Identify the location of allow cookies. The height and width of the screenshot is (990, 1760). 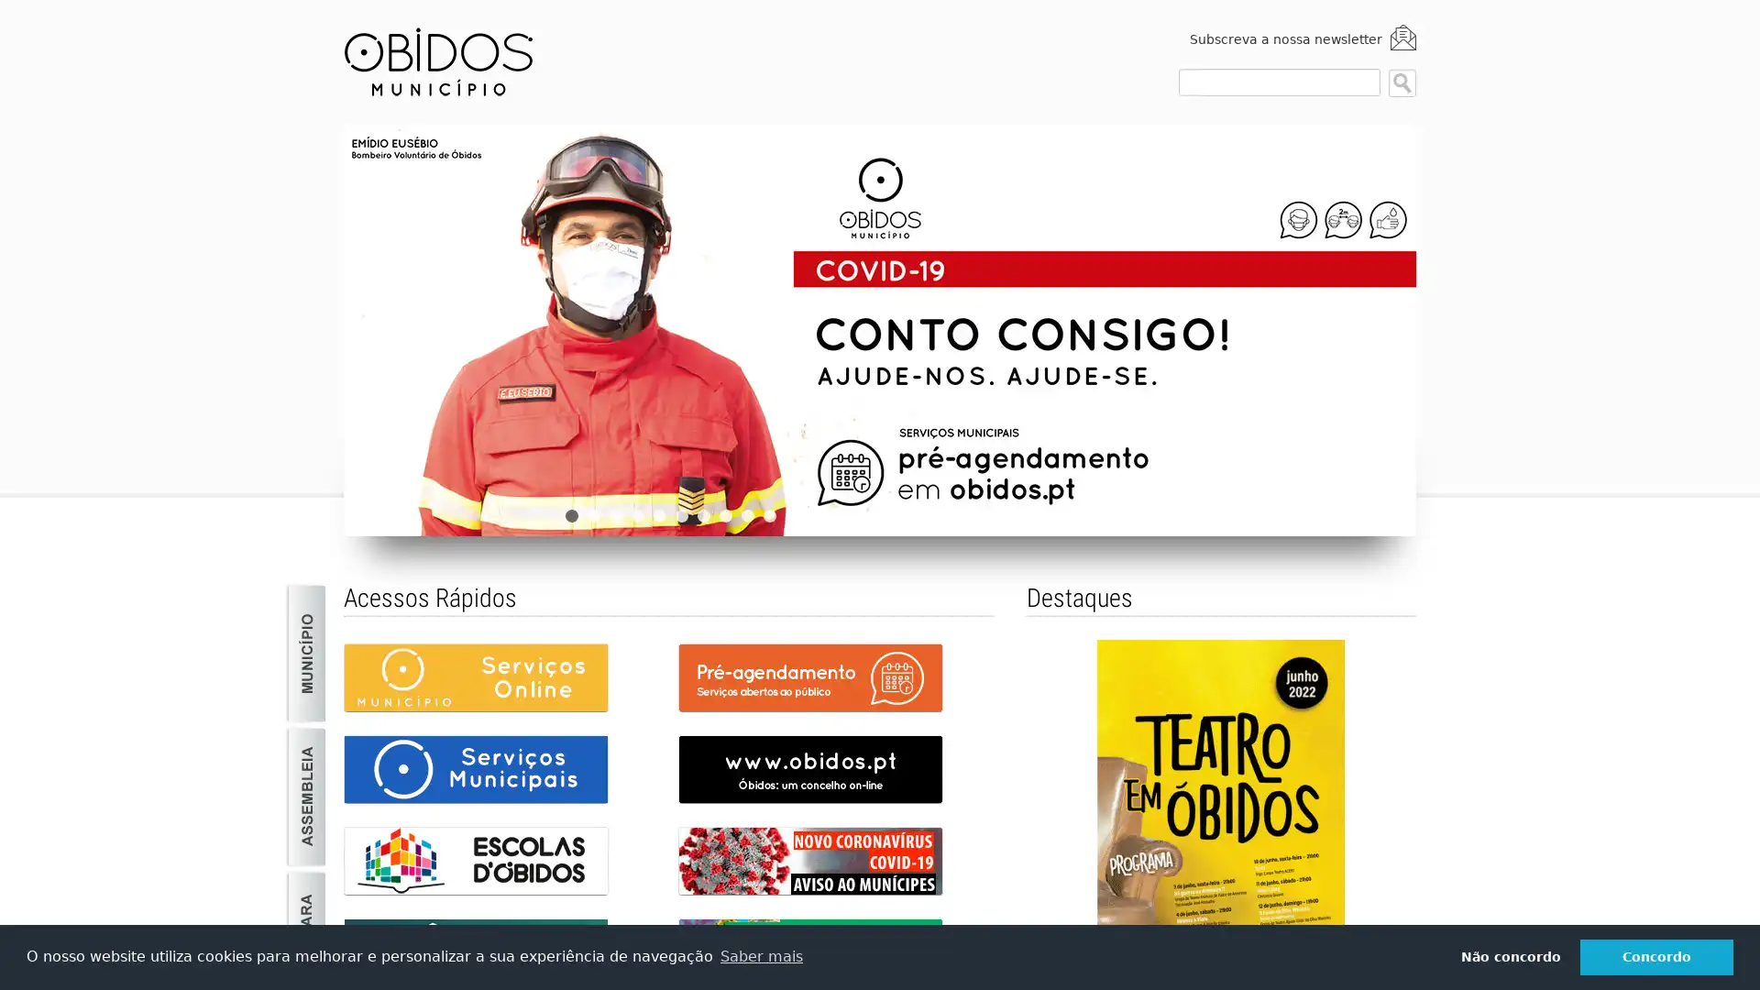
(1656, 956).